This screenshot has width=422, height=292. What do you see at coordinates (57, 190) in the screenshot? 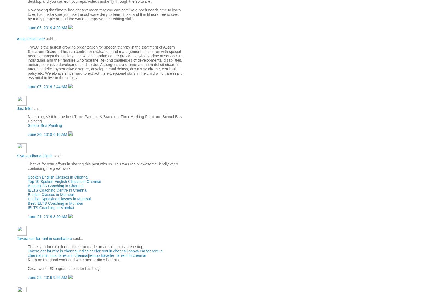
I see `'IELTS Coaching Centre in Chennai'` at bounding box center [57, 190].